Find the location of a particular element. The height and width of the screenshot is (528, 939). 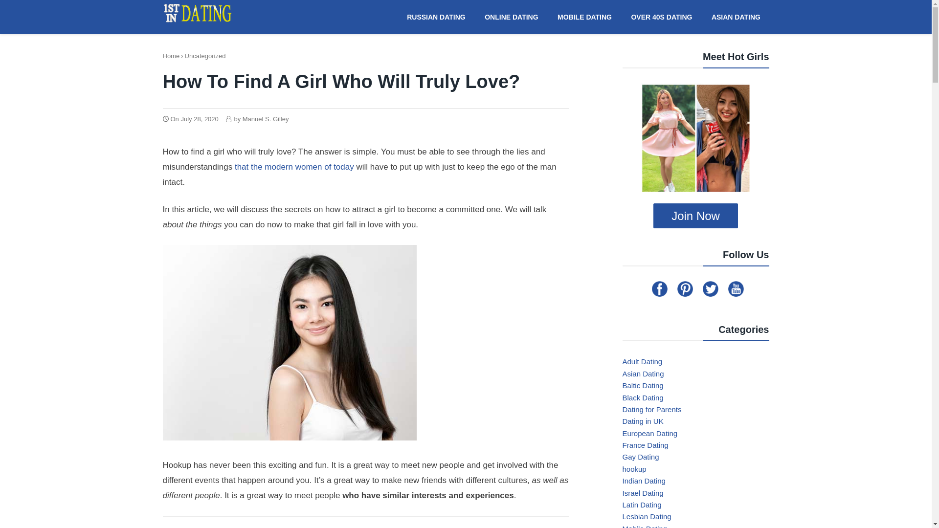

'Gay Dating' is located at coordinates (640, 457).